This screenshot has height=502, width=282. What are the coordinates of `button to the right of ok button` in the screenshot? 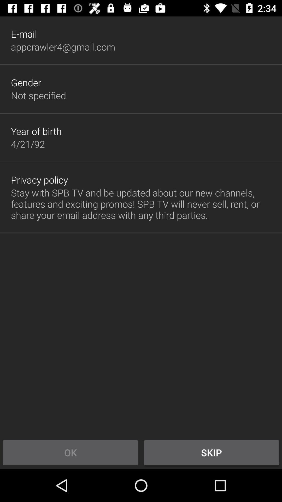 It's located at (211, 452).